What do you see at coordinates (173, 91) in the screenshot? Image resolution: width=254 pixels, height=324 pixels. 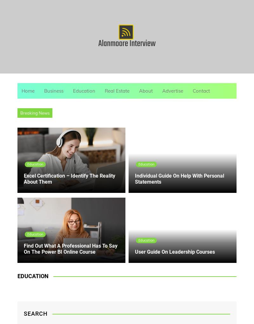 I see `'Advertise'` at bounding box center [173, 91].